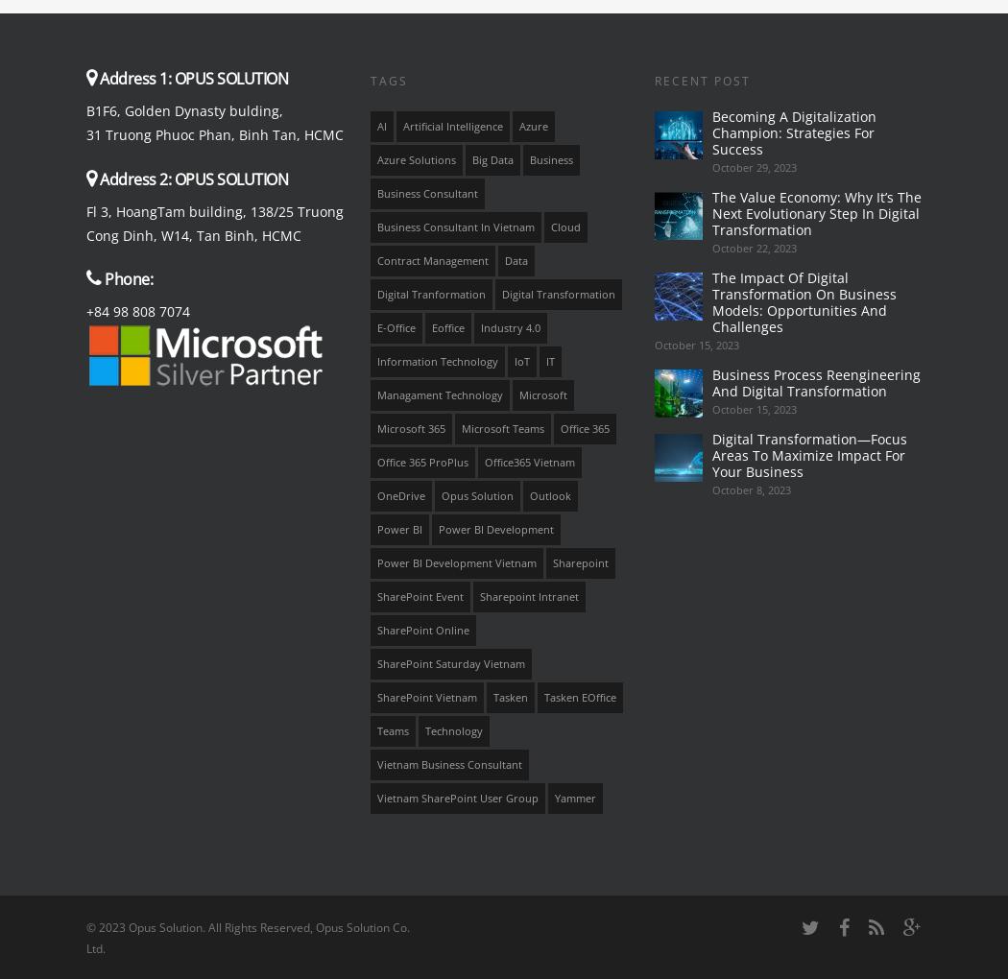  Describe the element at coordinates (136, 310) in the screenshot. I see `'+84 98 808 7074'` at that location.